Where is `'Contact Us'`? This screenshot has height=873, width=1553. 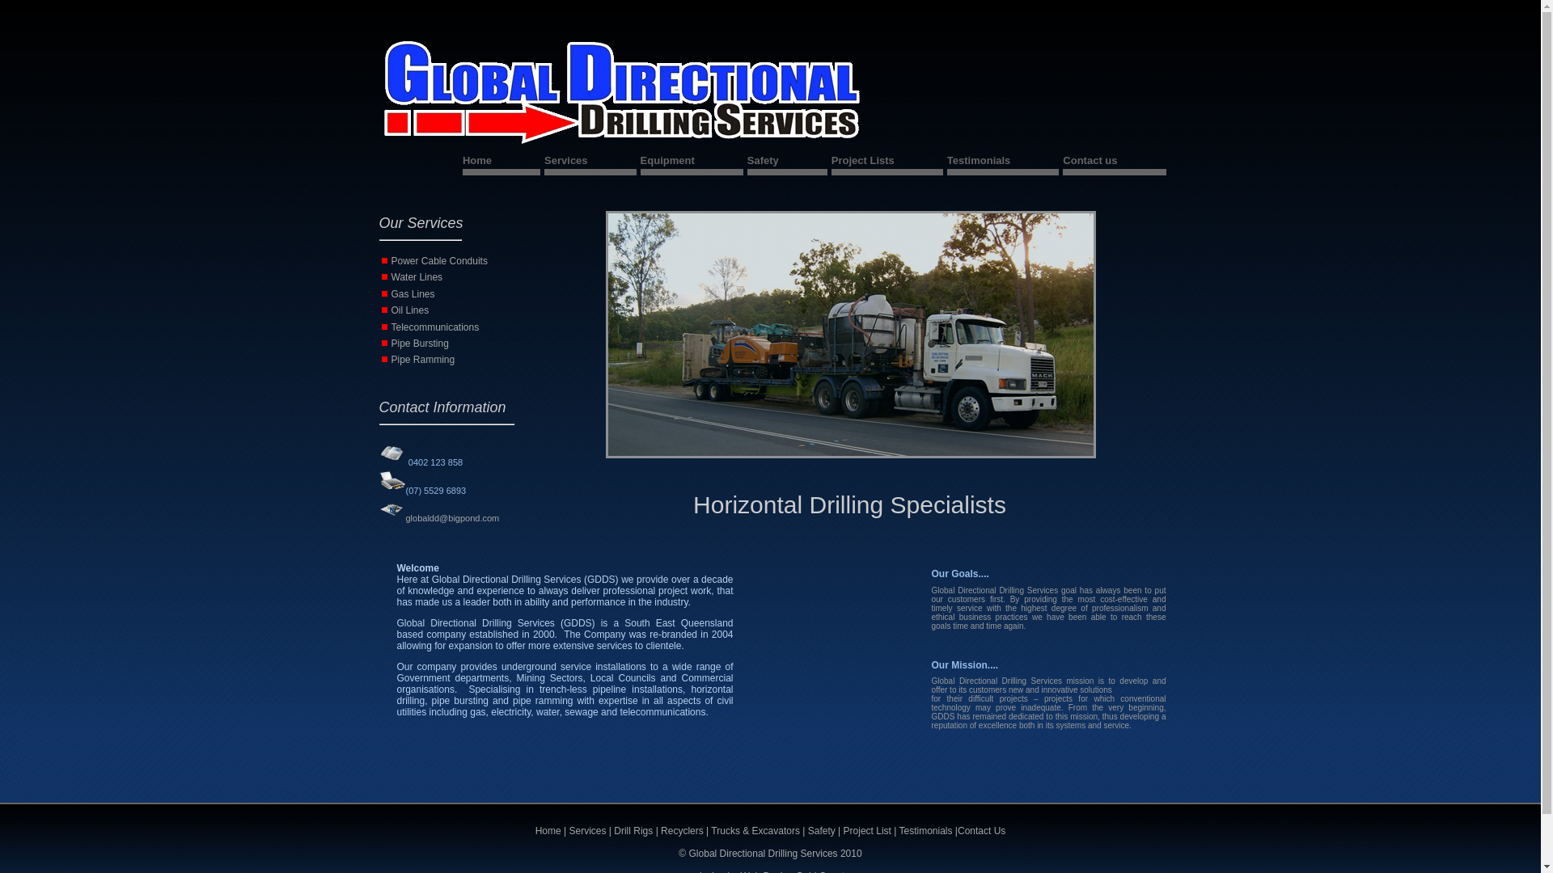 'Contact Us' is located at coordinates (980, 831).